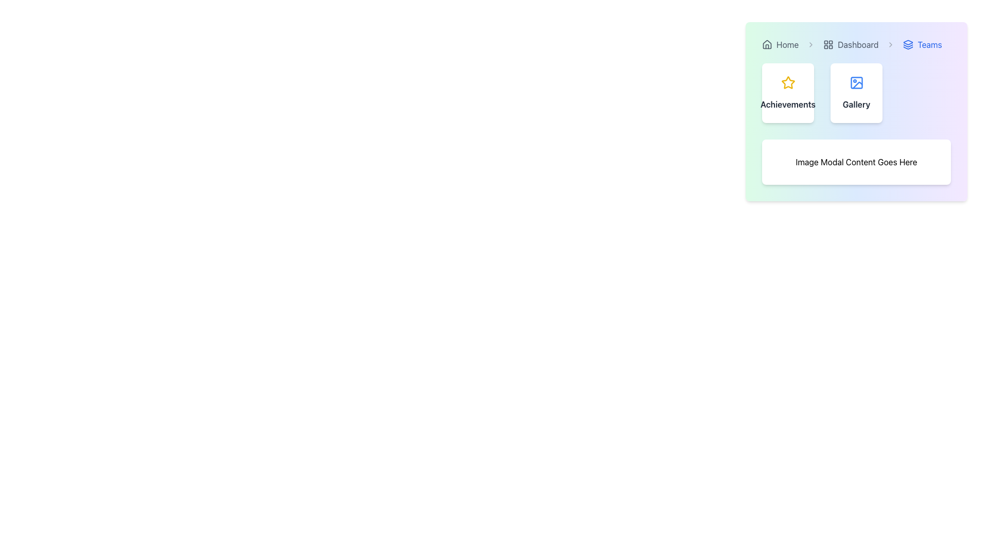 The image size is (988, 556). Describe the element at coordinates (856, 82) in the screenshot. I see `the icon in the 'Gallery' card component, which indicates a feature related to images or galleries` at that location.